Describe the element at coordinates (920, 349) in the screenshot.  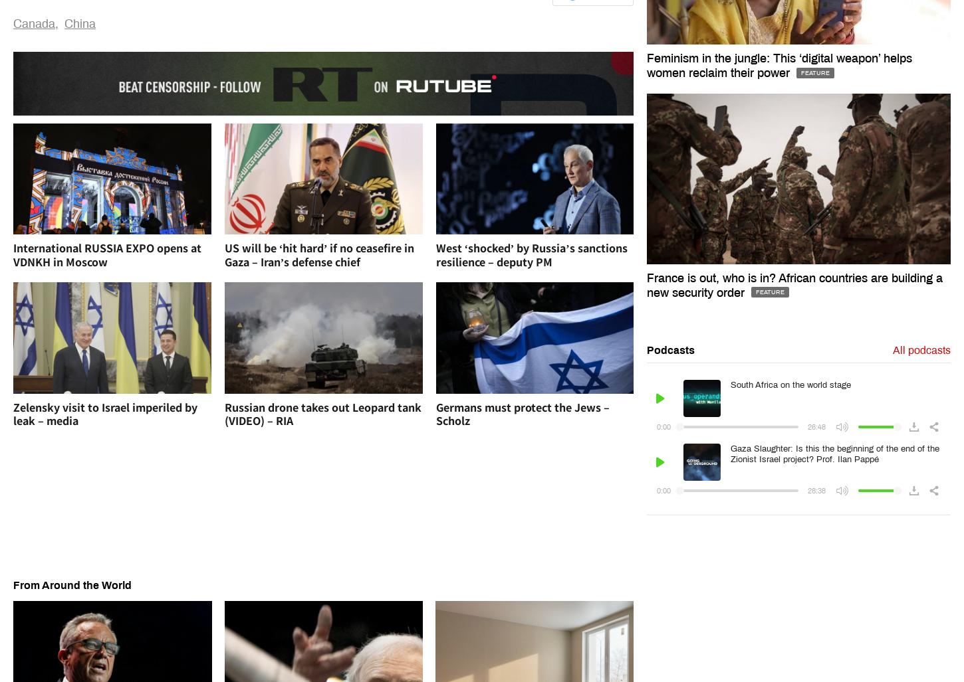
I see `'All podcasts'` at that location.